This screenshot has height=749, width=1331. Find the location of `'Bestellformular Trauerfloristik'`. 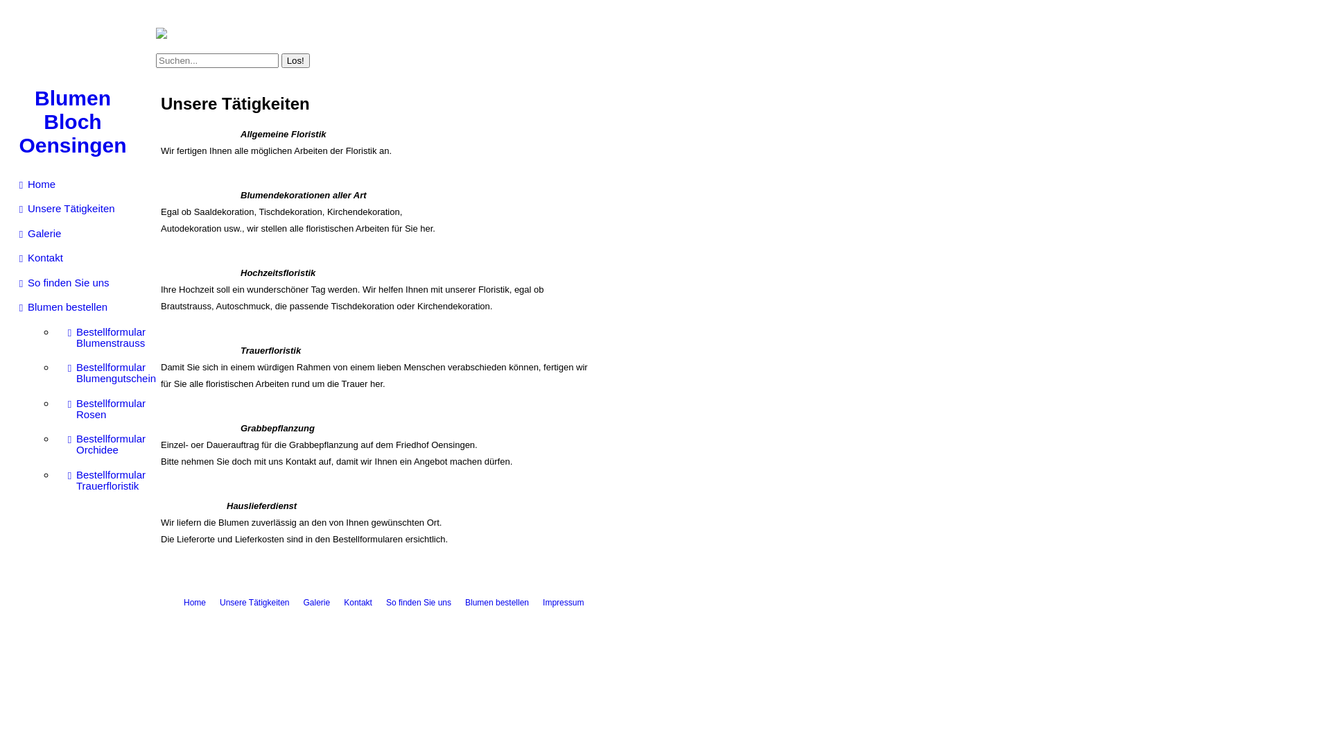

'Bestellformular Trauerfloristik' is located at coordinates (103, 480).